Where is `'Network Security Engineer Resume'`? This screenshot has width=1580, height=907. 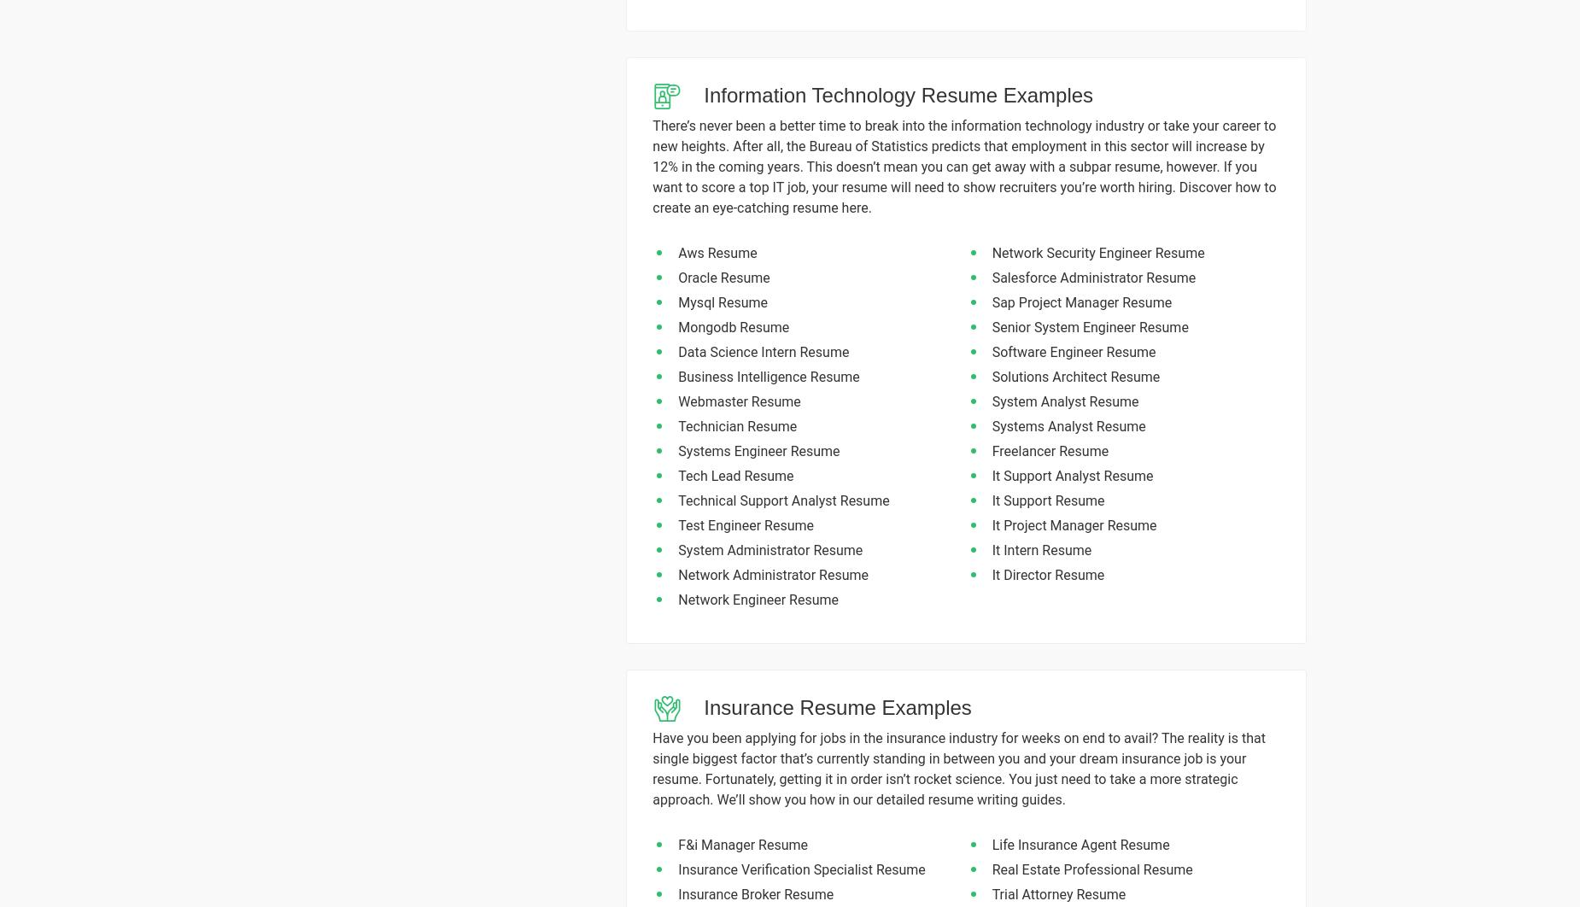 'Network Security Engineer Resume' is located at coordinates (991, 252).